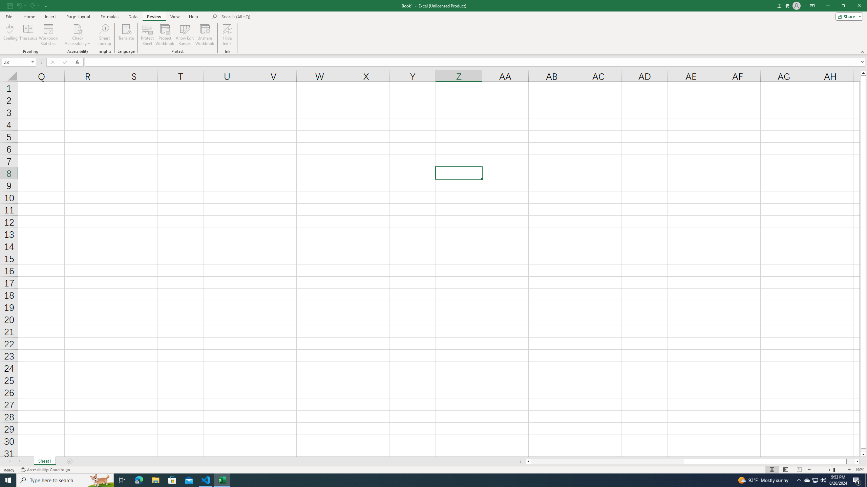  Describe the element at coordinates (858, 461) in the screenshot. I see `'Column right'` at that location.